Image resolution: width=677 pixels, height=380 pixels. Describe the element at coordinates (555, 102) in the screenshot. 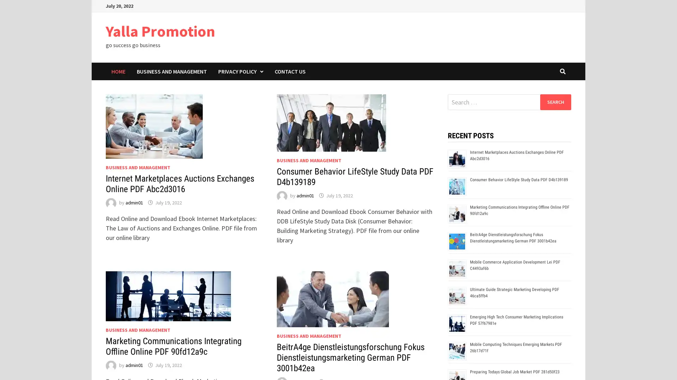

I see `Search` at that location.